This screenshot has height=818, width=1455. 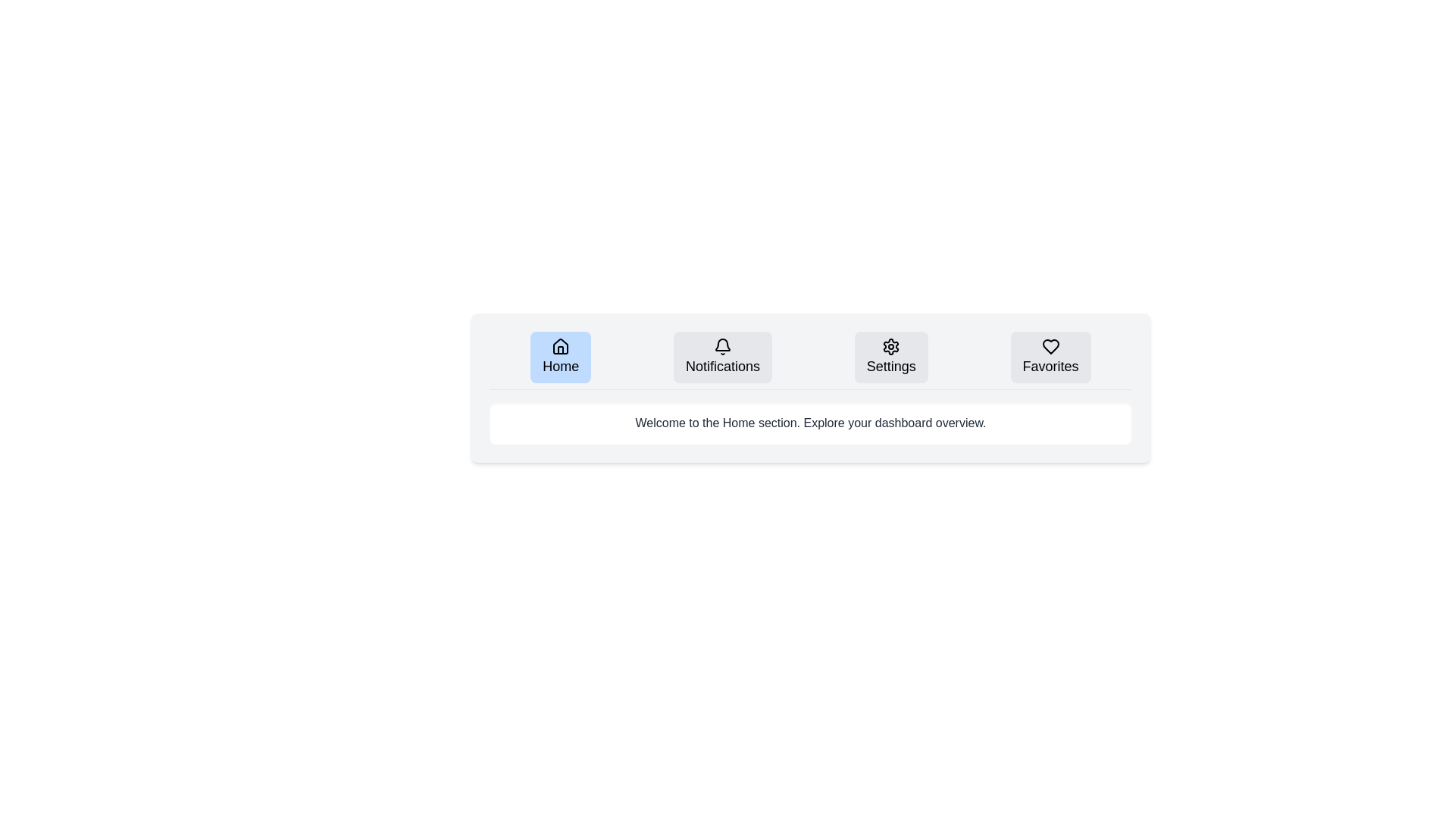 What do you see at coordinates (722, 357) in the screenshot?
I see `the Notifications section by clicking on the respective tab button` at bounding box center [722, 357].